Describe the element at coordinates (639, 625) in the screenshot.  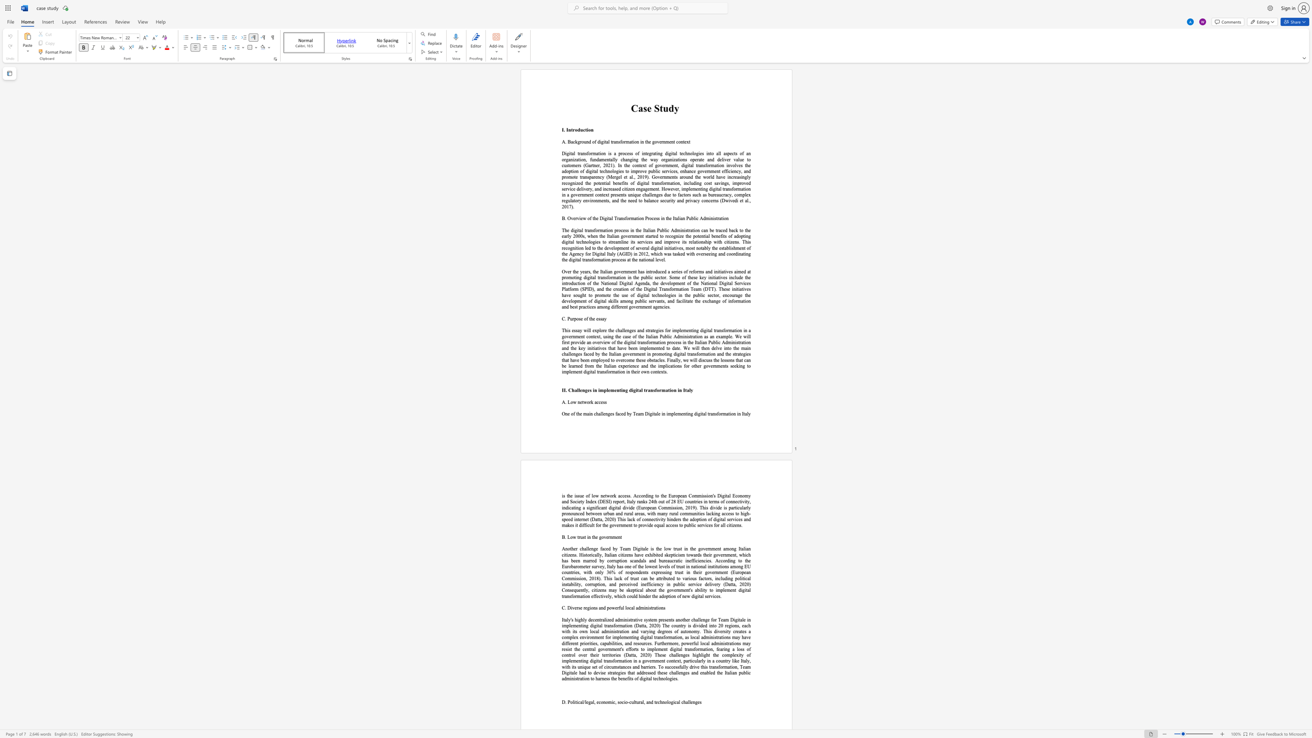
I see `the subset text "atta, 2020) The country is divided into 20 regions, each wit" within the text "Italy"` at that location.